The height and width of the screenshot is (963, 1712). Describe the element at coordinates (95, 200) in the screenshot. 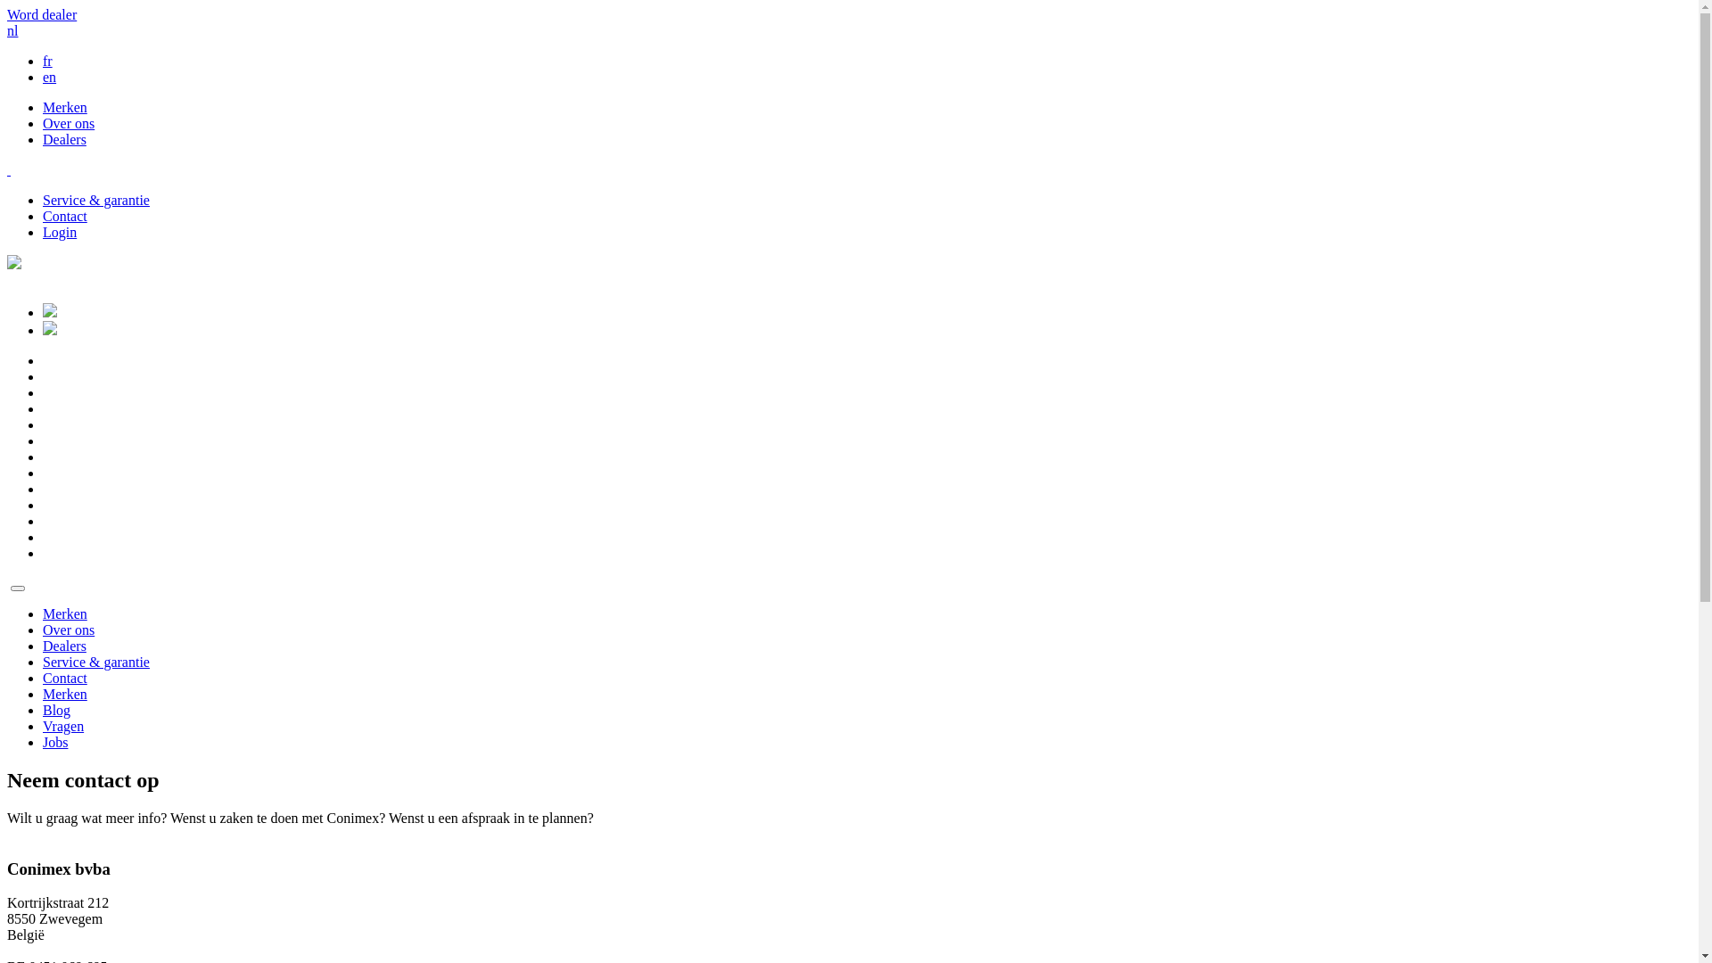

I see `'Service & garantie'` at that location.